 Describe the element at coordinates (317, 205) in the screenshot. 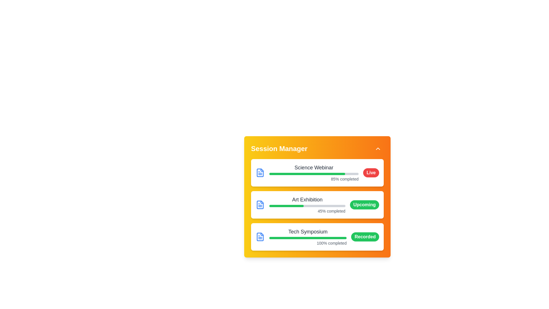

I see `the informational card labeled 'Art Exhibition' with a blue file icon, which is located in the middle of a vertically stacked list of event cards in the 'Session Manager' interface` at that location.